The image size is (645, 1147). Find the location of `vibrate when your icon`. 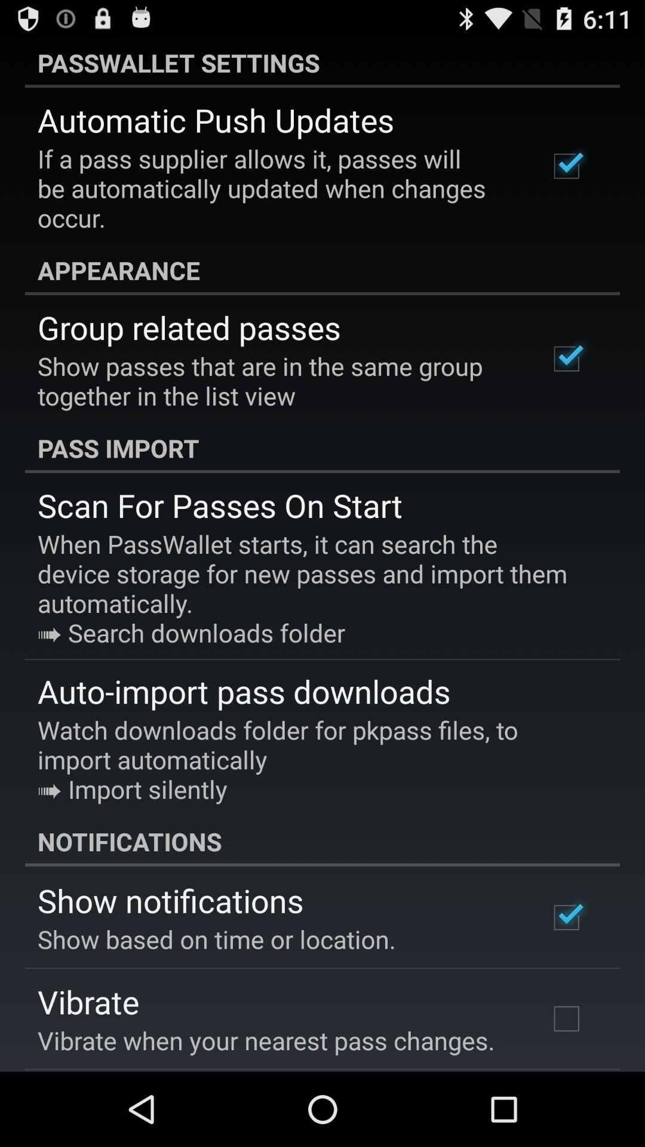

vibrate when your icon is located at coordinates (265, 1039).